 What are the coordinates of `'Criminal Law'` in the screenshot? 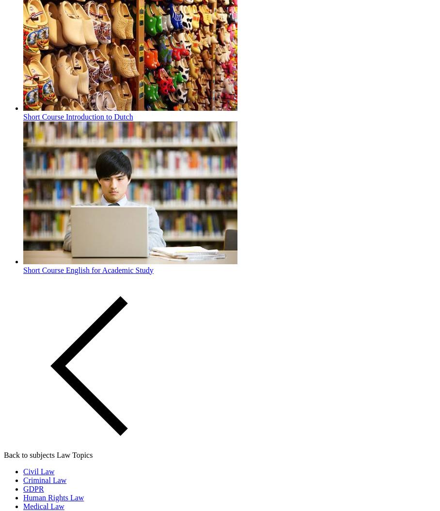 It's located at (44, 479).